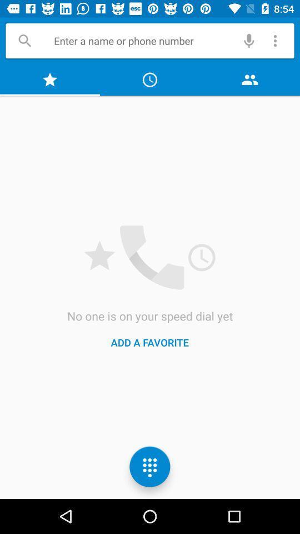  Describe the element at coordinates (150, 467) in the screenshot. I see `the dialpad icon` at that location.